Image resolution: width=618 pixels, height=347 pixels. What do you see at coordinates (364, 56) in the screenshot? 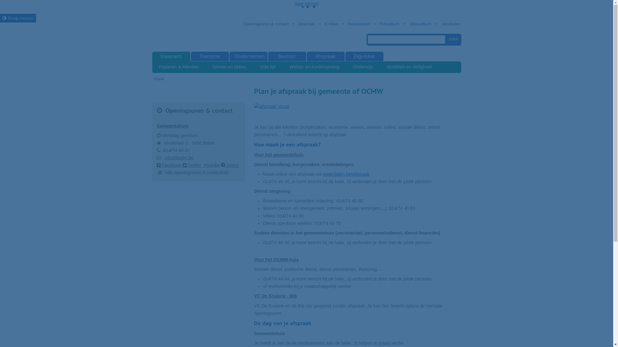
I see `'Digi-loket'` at bounding box center [364, 56].